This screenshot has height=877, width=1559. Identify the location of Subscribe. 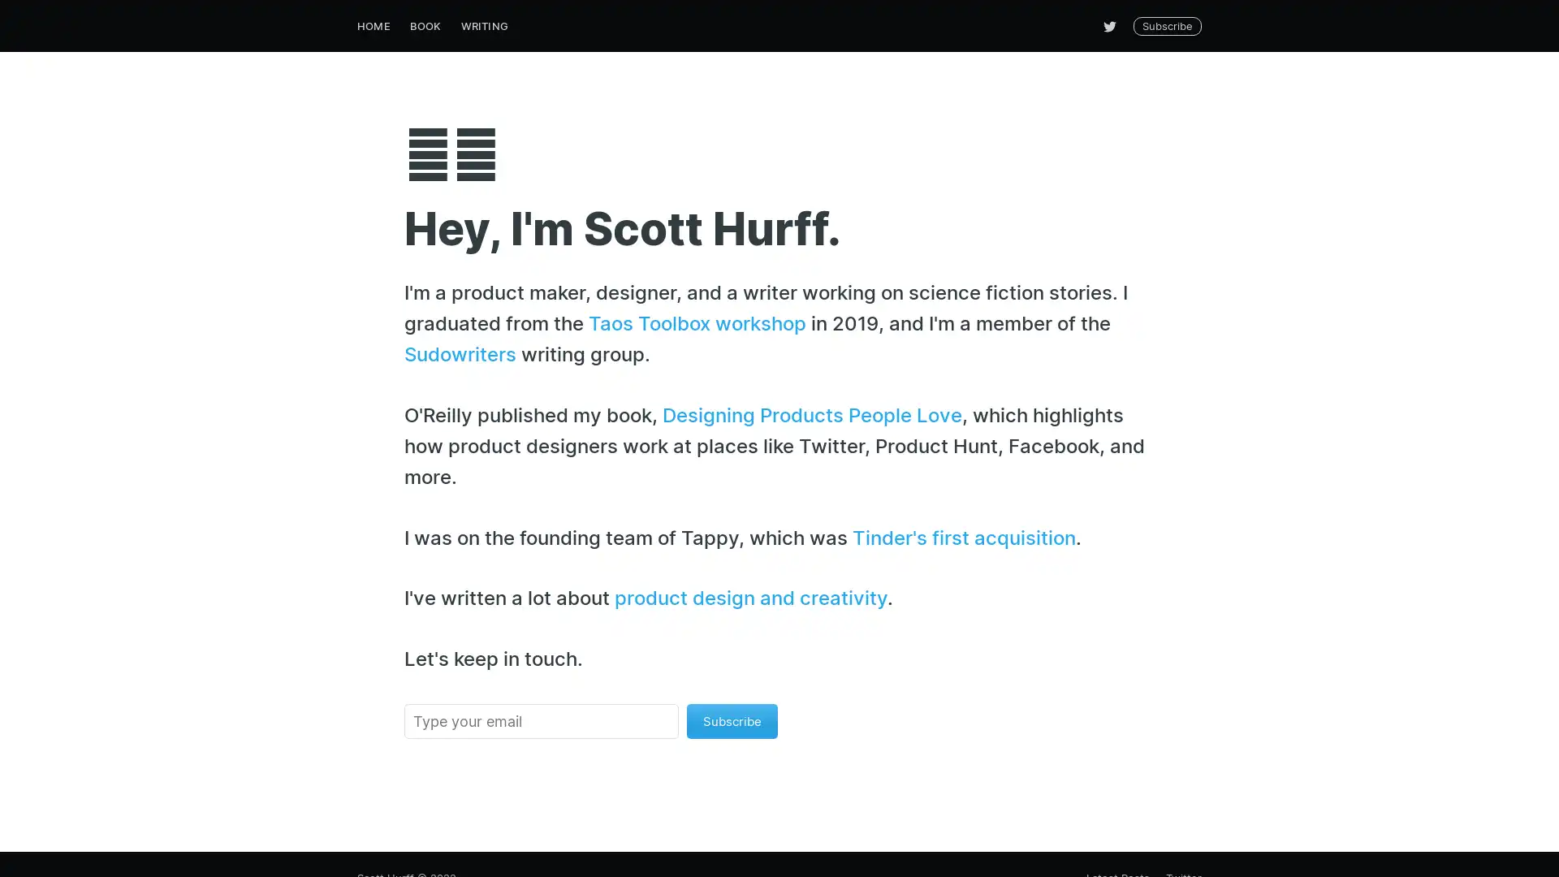
(731, 720).